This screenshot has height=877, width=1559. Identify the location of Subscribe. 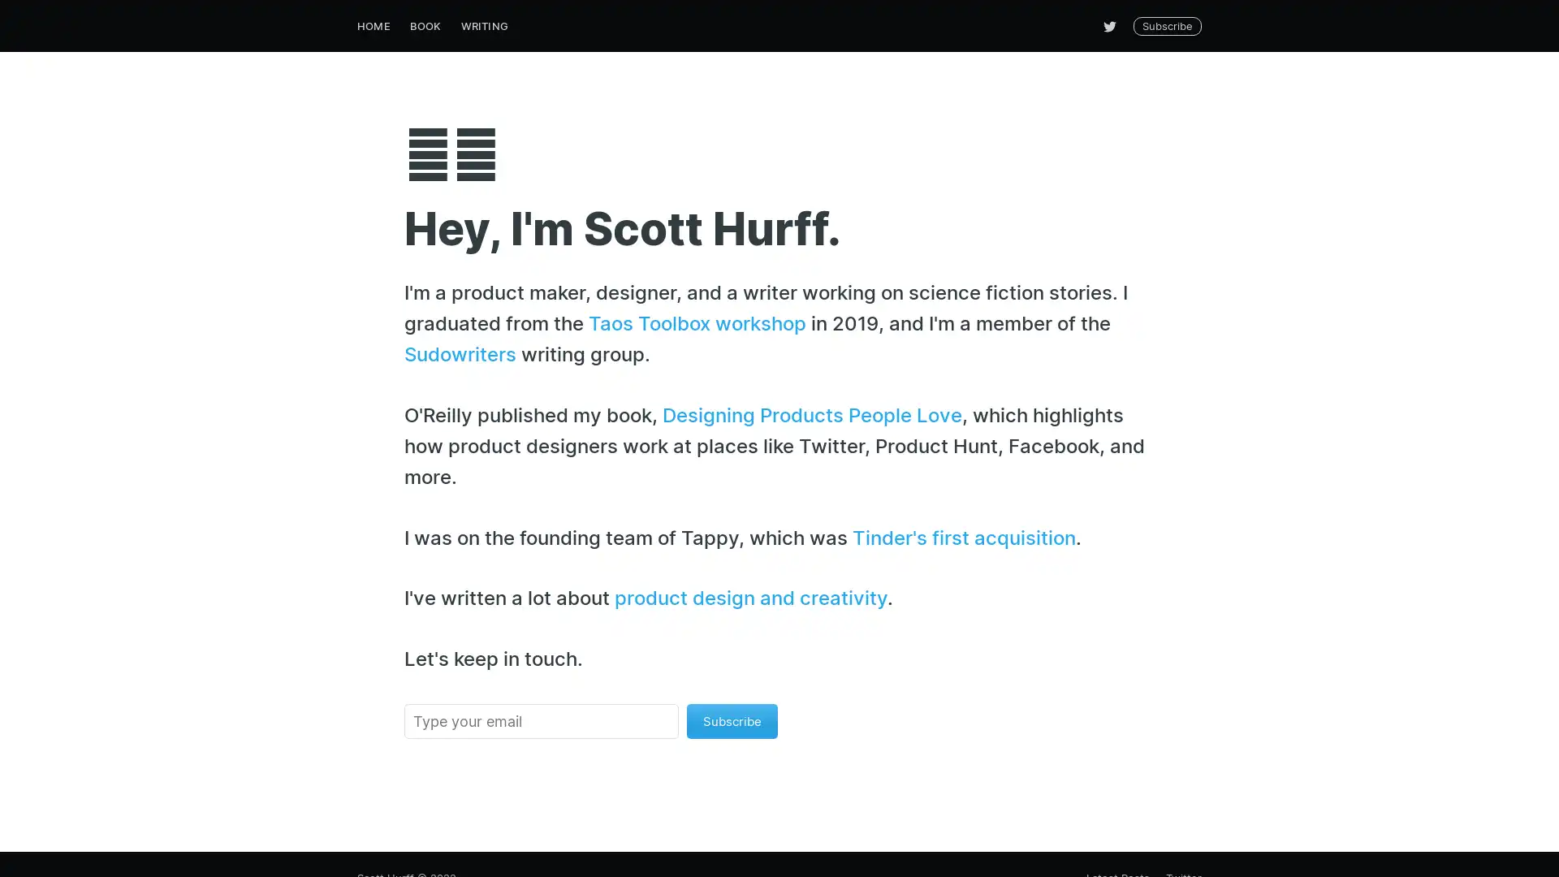
(731, 720).